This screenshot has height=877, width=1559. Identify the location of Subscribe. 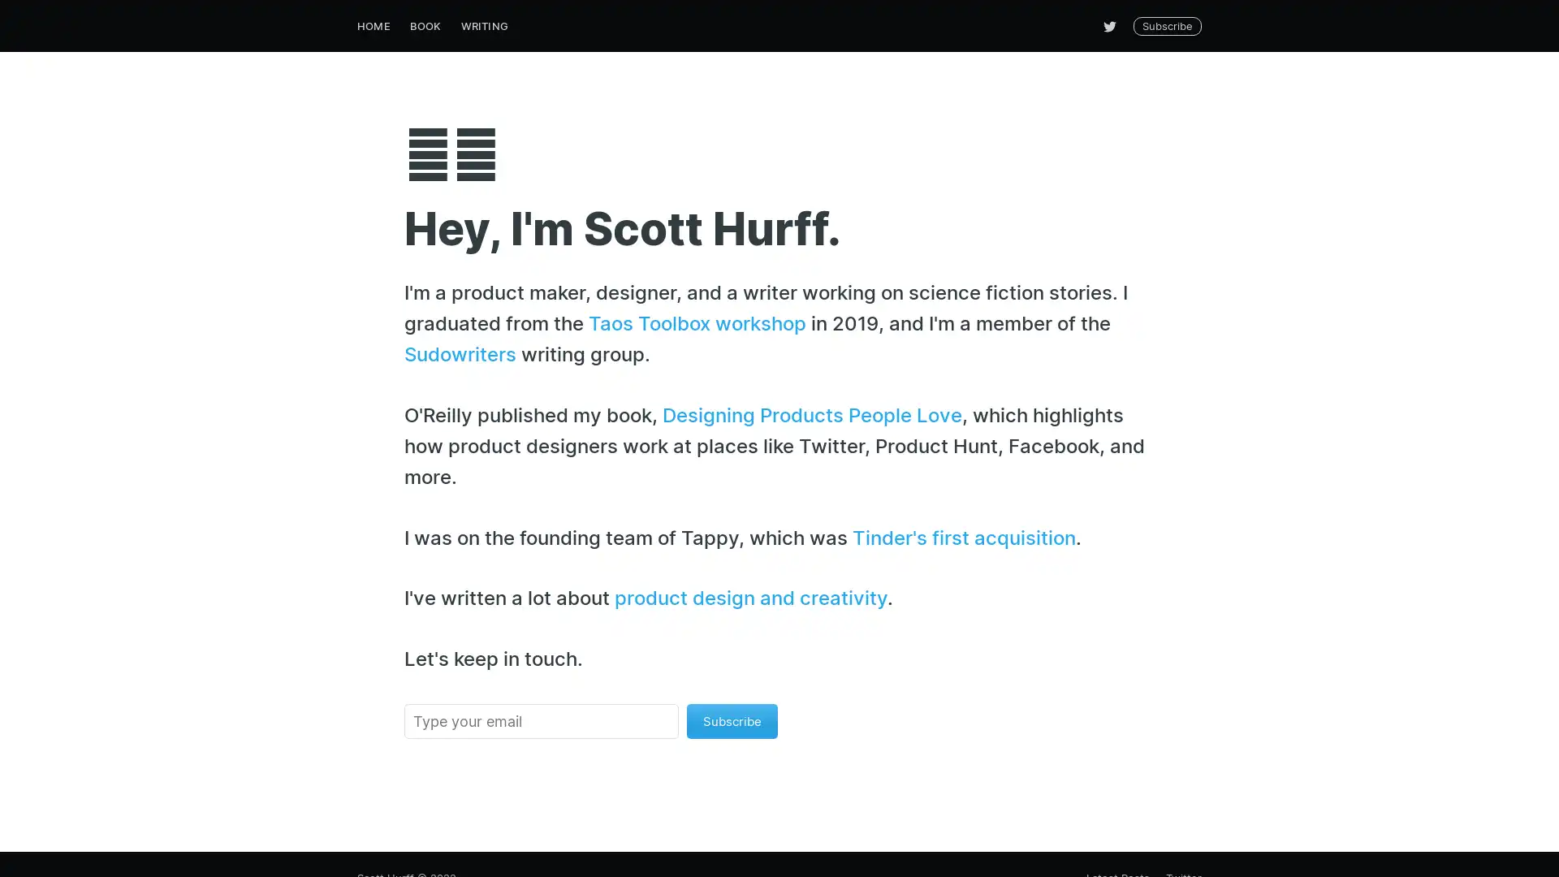
(731, 720).